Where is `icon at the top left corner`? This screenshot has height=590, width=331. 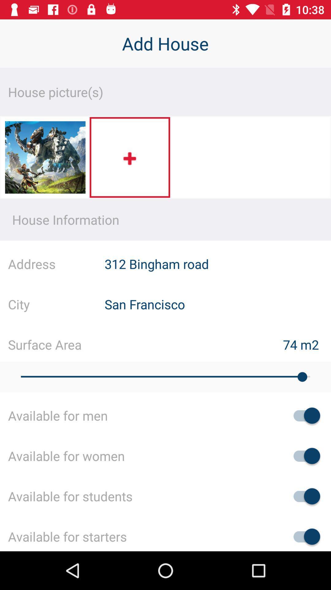
icon at the top left corner is located at coordinates (45, 159).